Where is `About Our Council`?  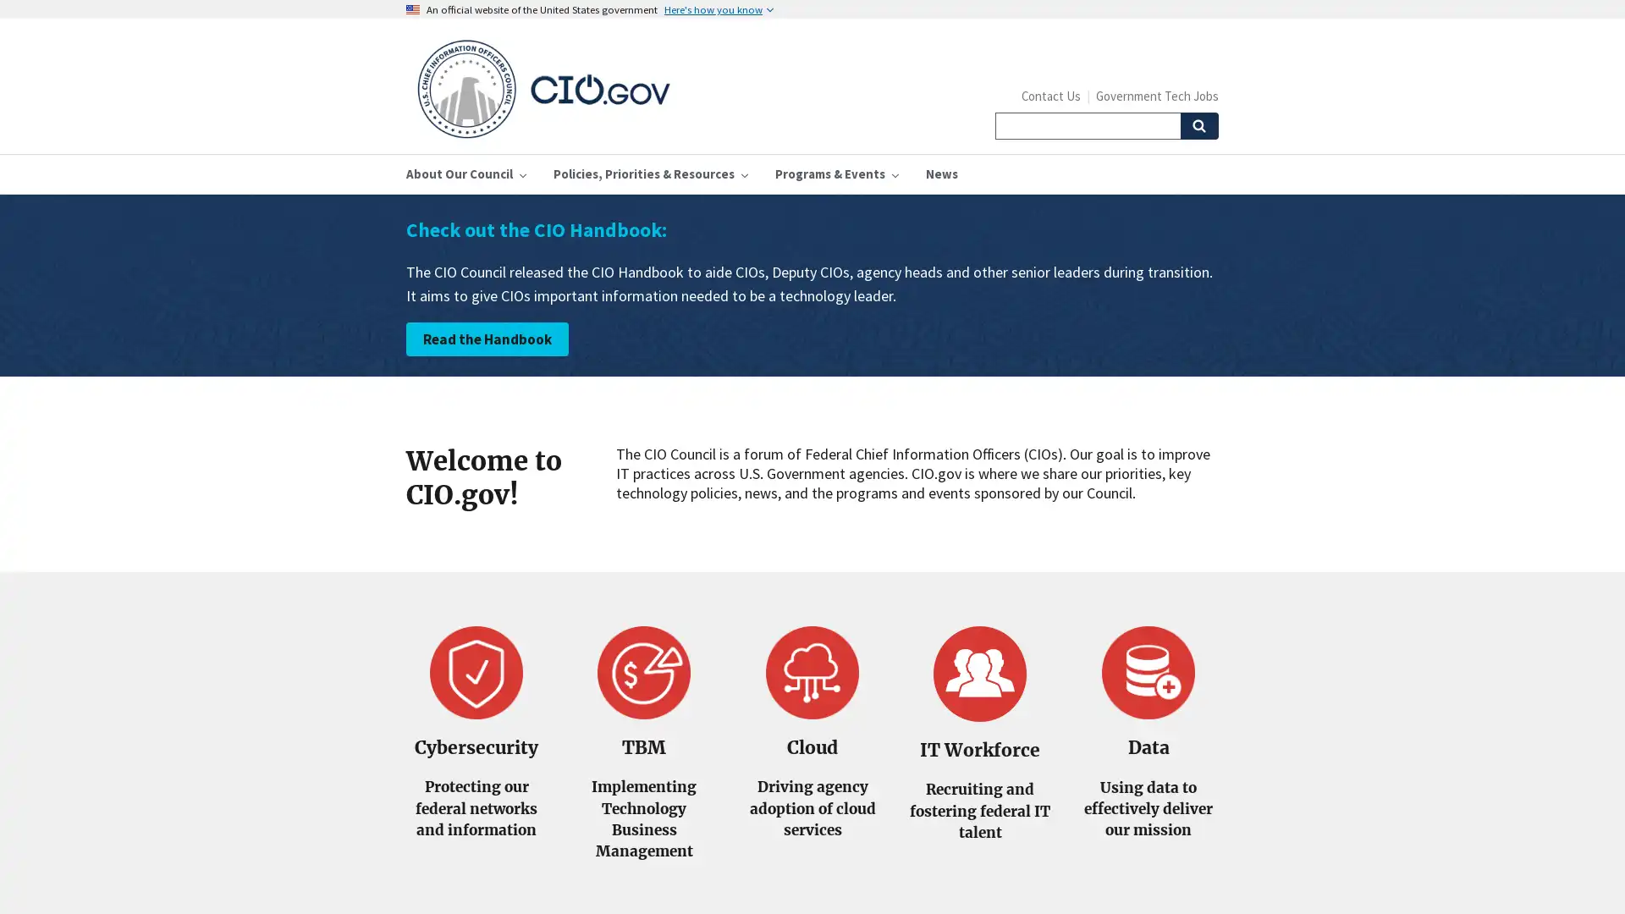 About Our Council is located at coordinates (466, 173).